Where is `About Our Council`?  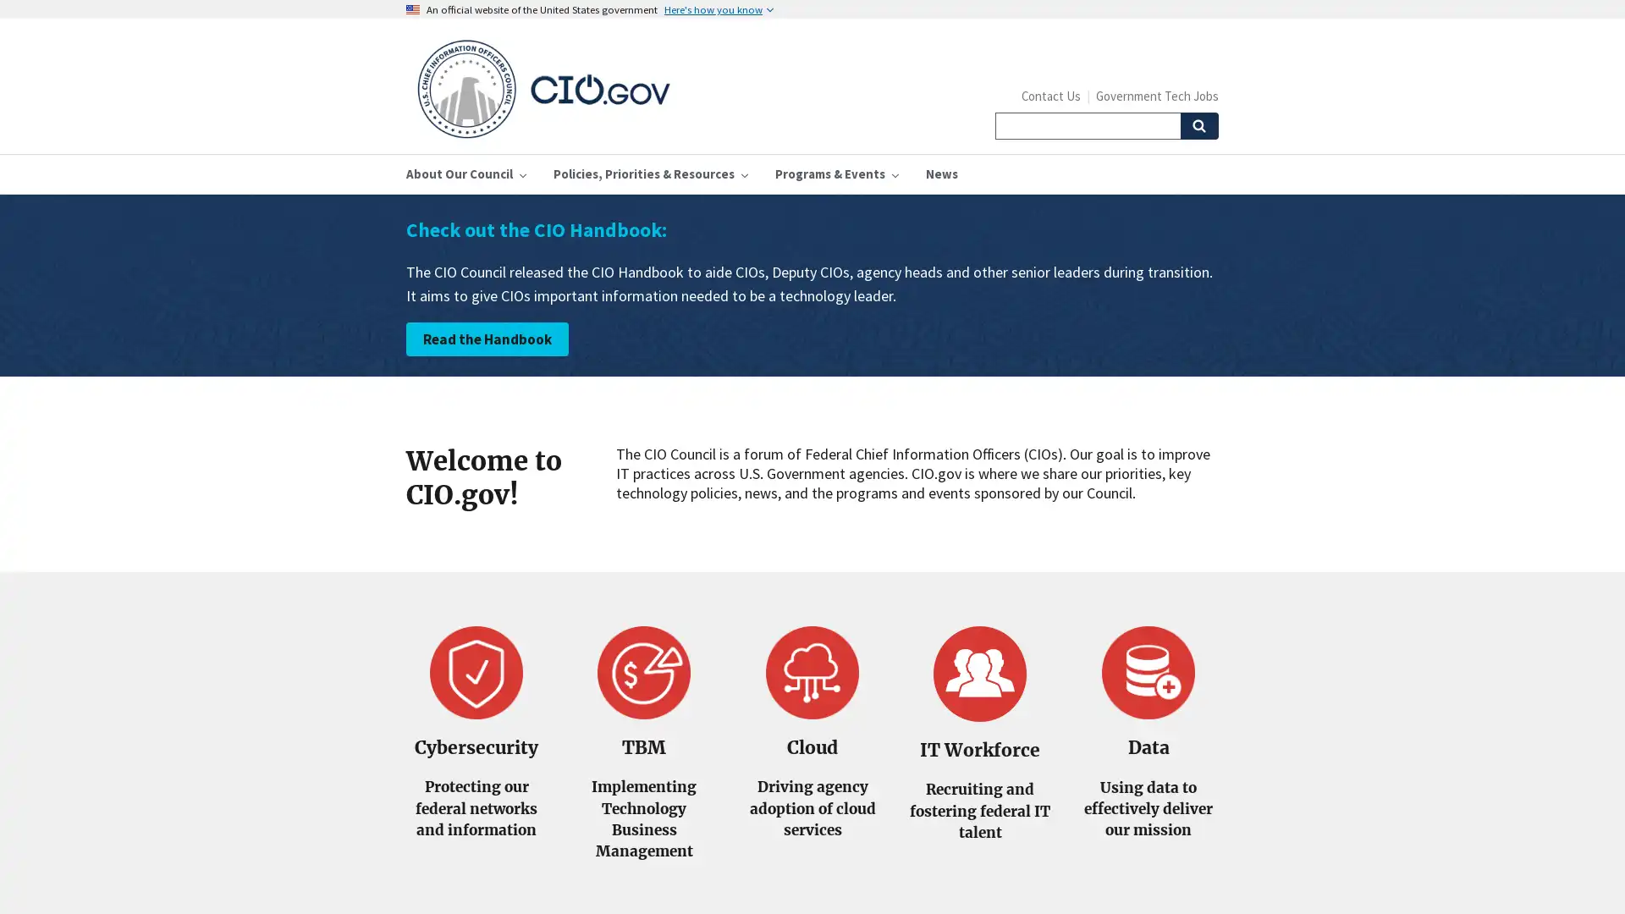 About Our Council is located at coordinates (466, 173).